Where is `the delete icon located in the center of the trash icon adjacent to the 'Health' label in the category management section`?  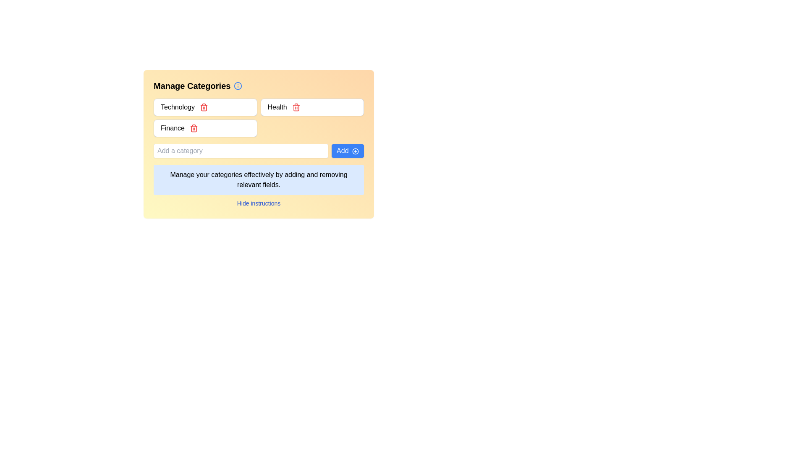
the delete icon located in the center of the trash icon adjacent to the 'Health' label in the category management section is located at coordinates (296, 107).